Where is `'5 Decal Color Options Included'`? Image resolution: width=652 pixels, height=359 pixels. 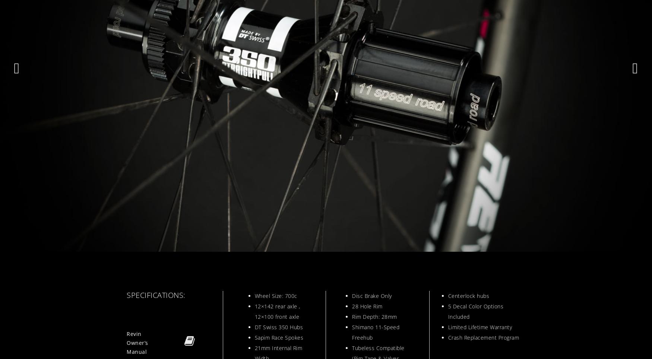 '5 Decal Color Options Included' is located at coordinates (448, 311).